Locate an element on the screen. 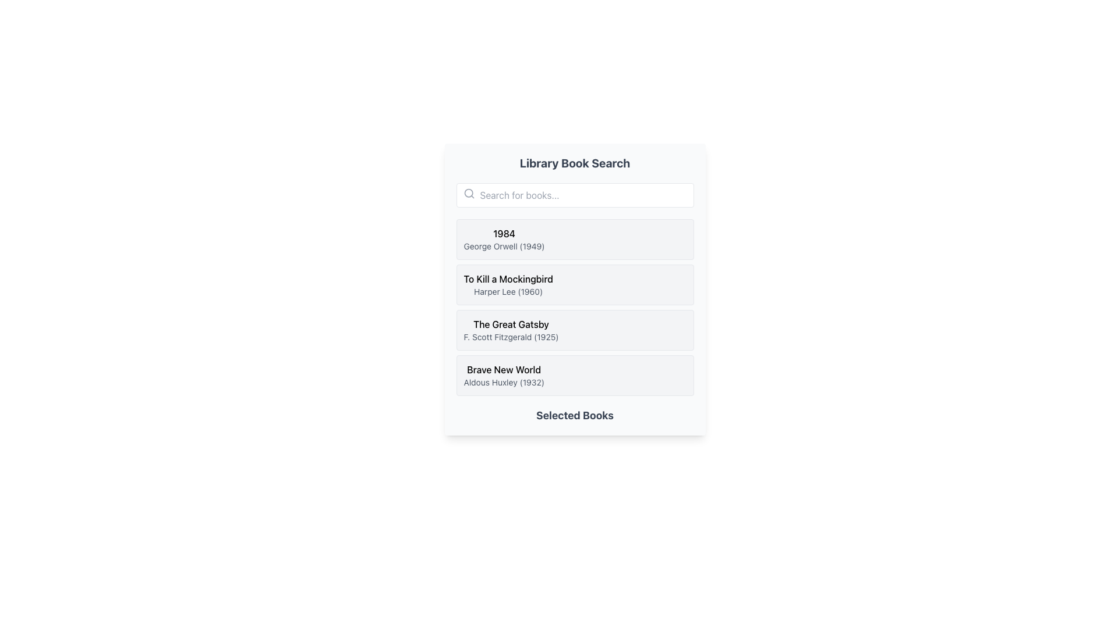 This screenshot has width=1118, height=628. the selectable card element displaying 'Brave New World' by Aldous Huxley, positioned as the last item in the list of cards is located at coordinates (575, 375).